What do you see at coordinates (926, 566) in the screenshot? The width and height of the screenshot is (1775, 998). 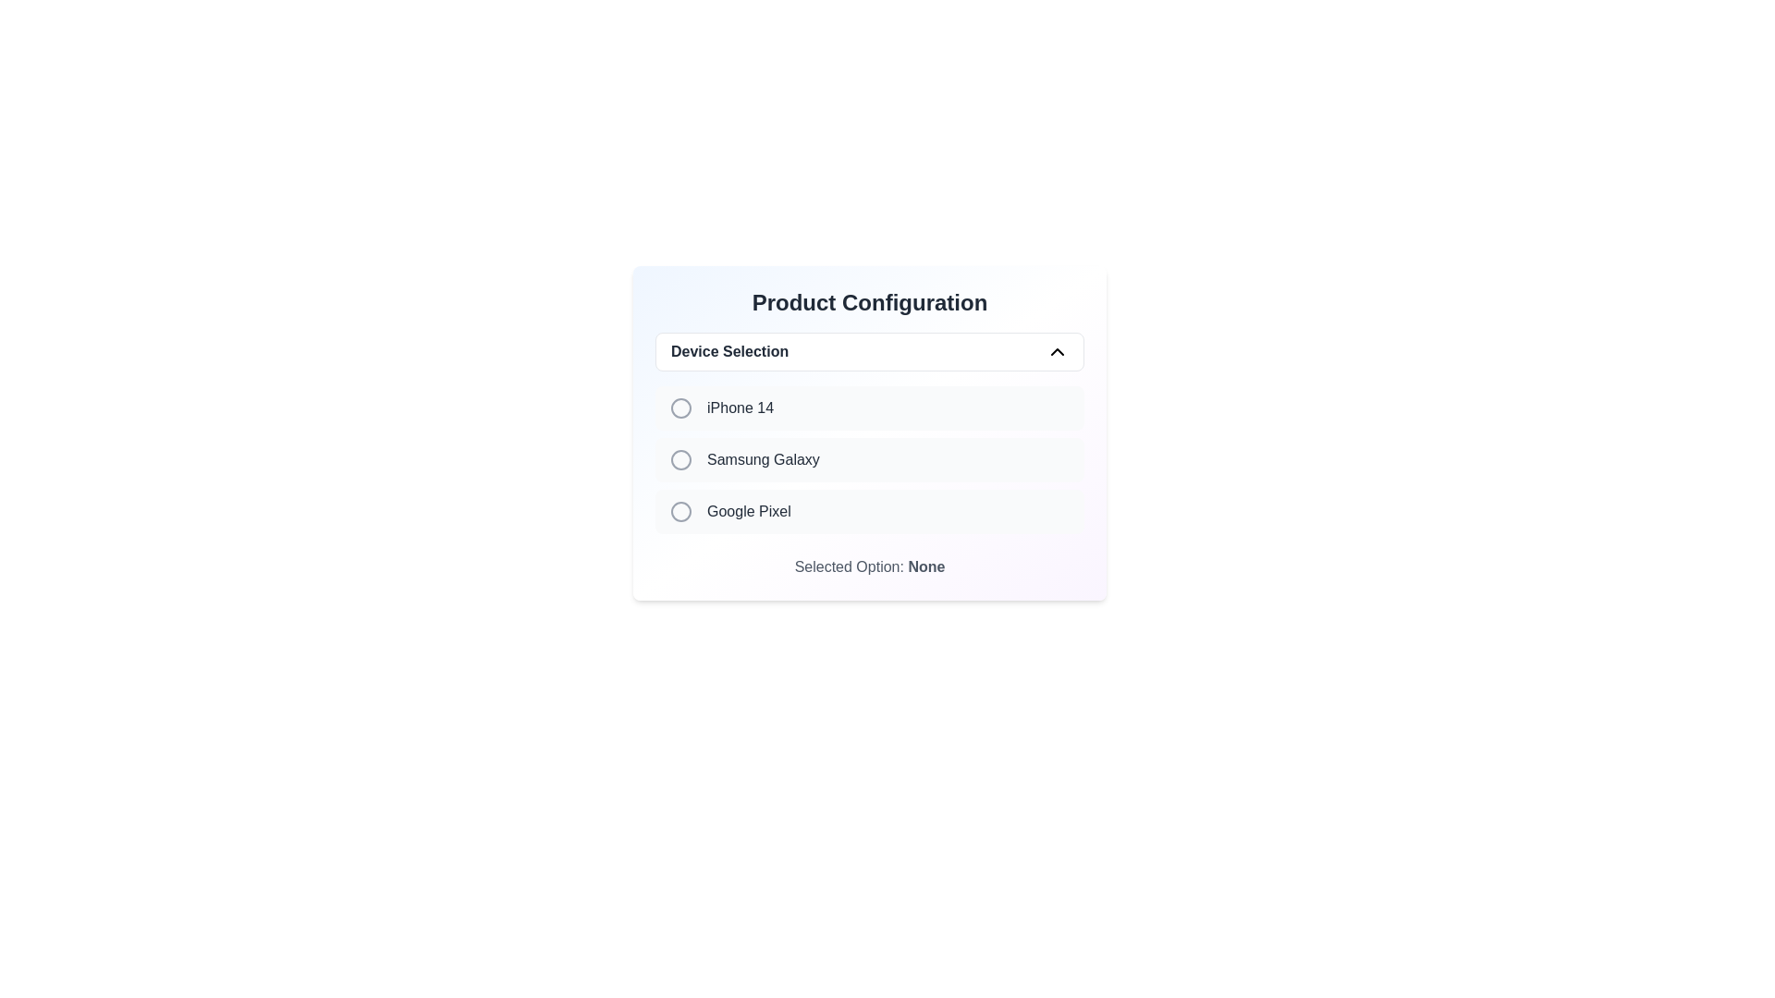 I see `the text label that indicates the current selection status, which is positioned to the right of 'Selected Option:'` at bounding box center [926, 566].